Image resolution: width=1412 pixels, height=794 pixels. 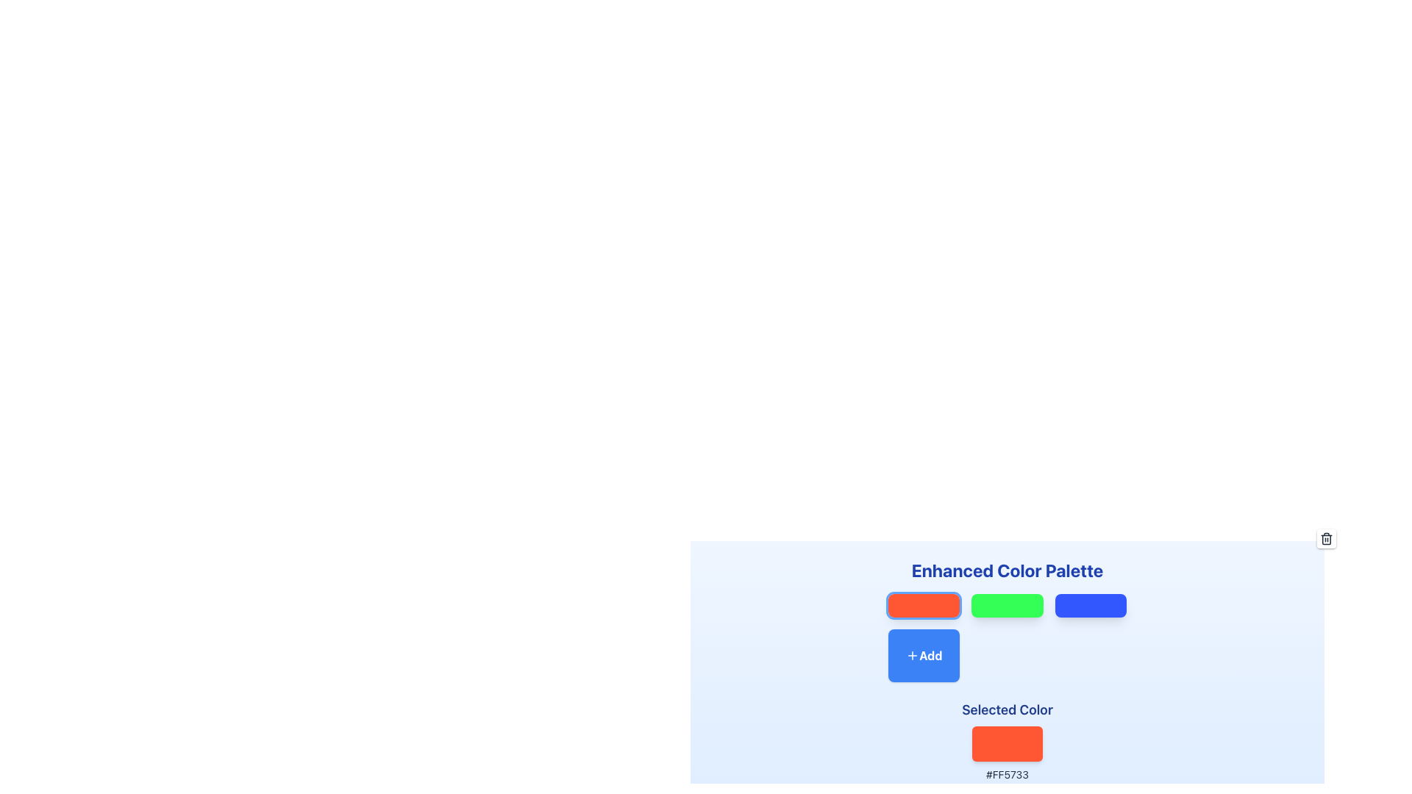 What do you see at coordinates (1006, 637) in the screenshot?
I see `the color selection grid layout titled 'Enhanced Color Palette' which contains red, green, and blue color blocks arranged horizontally` at bounding box center [1006, 637].